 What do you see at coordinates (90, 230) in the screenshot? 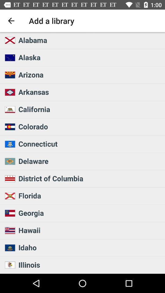
I see `icon above the idaho icon` at bounding box center [90, 230].